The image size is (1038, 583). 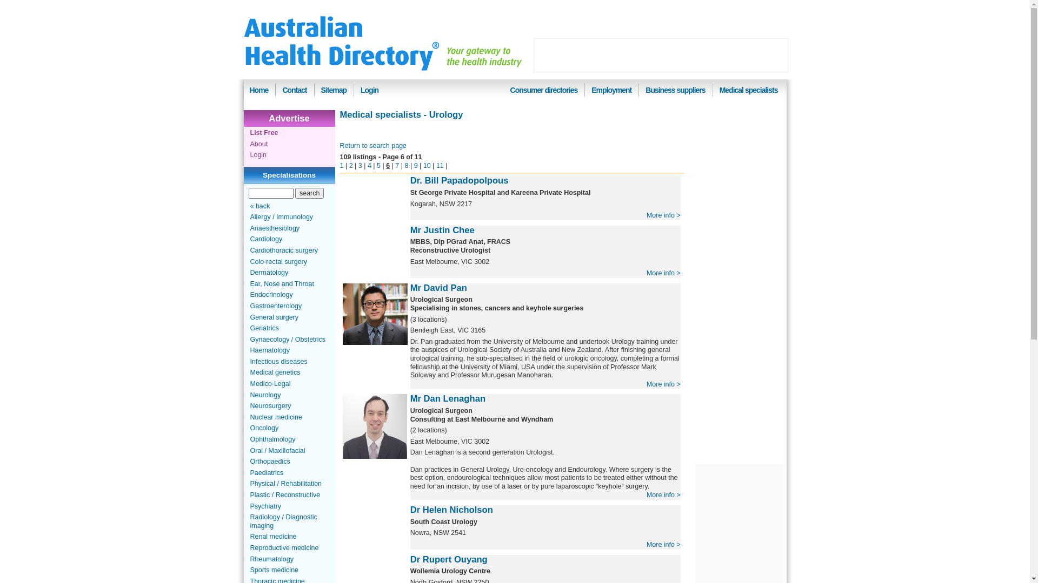 I want to click on 'Medical genetics', so click(x=249, y=372).